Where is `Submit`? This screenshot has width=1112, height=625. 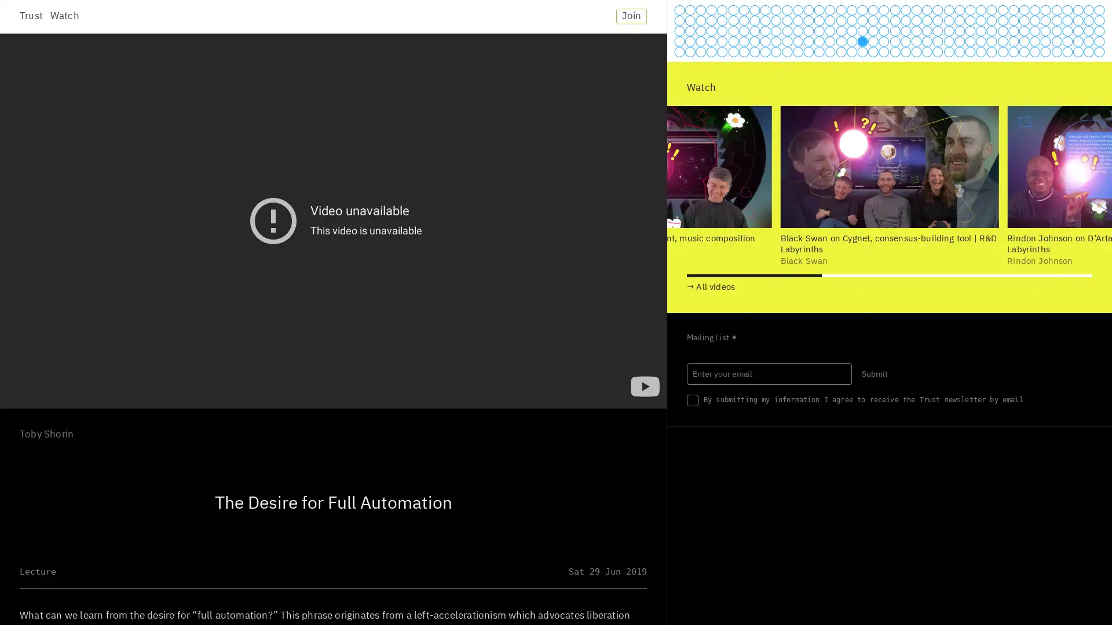
Submit is located at coordinates (869, 373).